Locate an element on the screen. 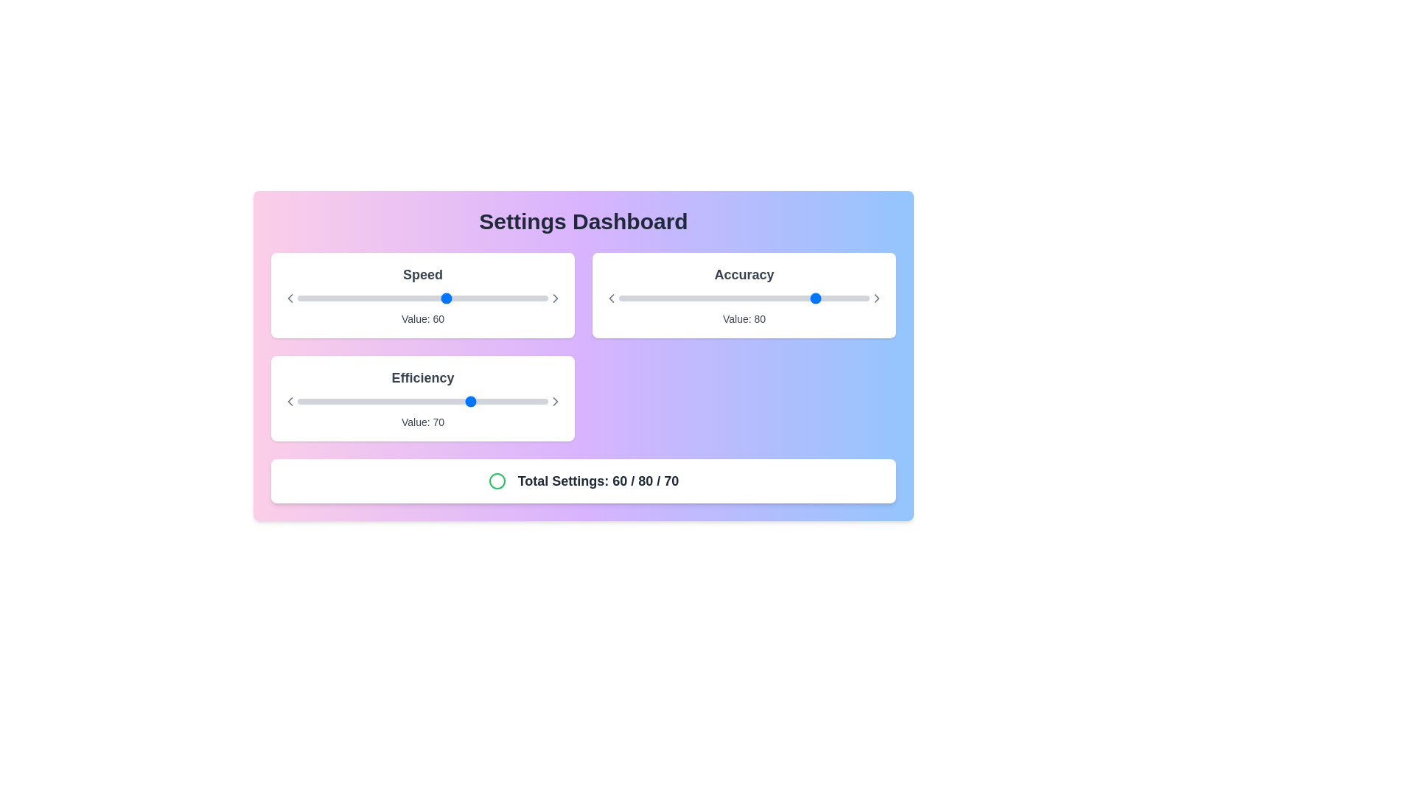  the text label displaying 'Value: 60' located below the slider in the 'Speed' control card within the 'Settings Dashboard' is located at coordinates (422, 318).